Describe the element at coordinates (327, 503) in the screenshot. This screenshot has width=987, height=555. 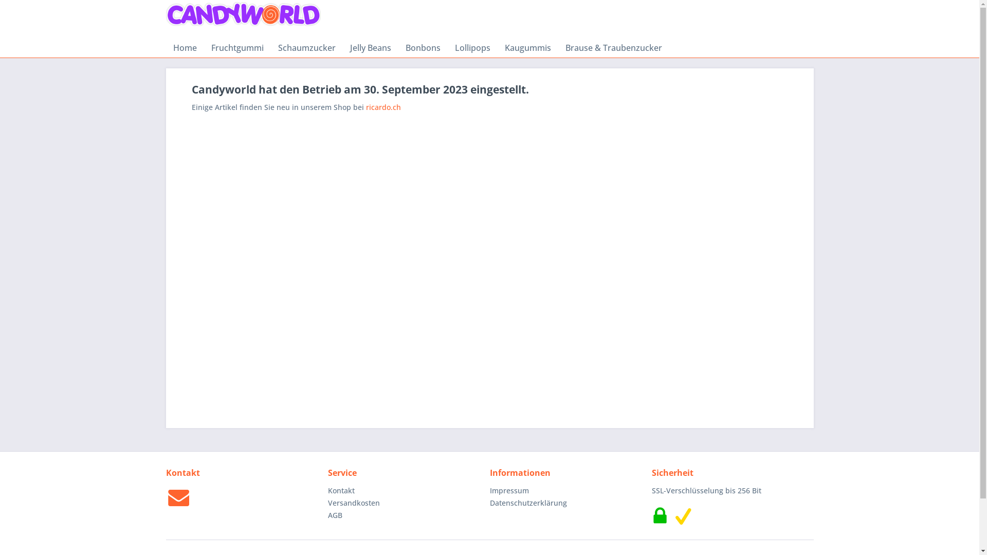
I see `'Versandkosten'` at that location.